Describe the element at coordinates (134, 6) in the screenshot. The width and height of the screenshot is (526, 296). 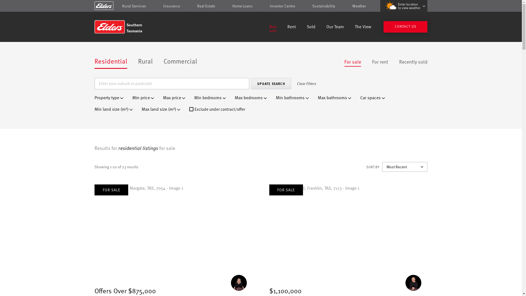
I see `'Rural Services'` at that location.